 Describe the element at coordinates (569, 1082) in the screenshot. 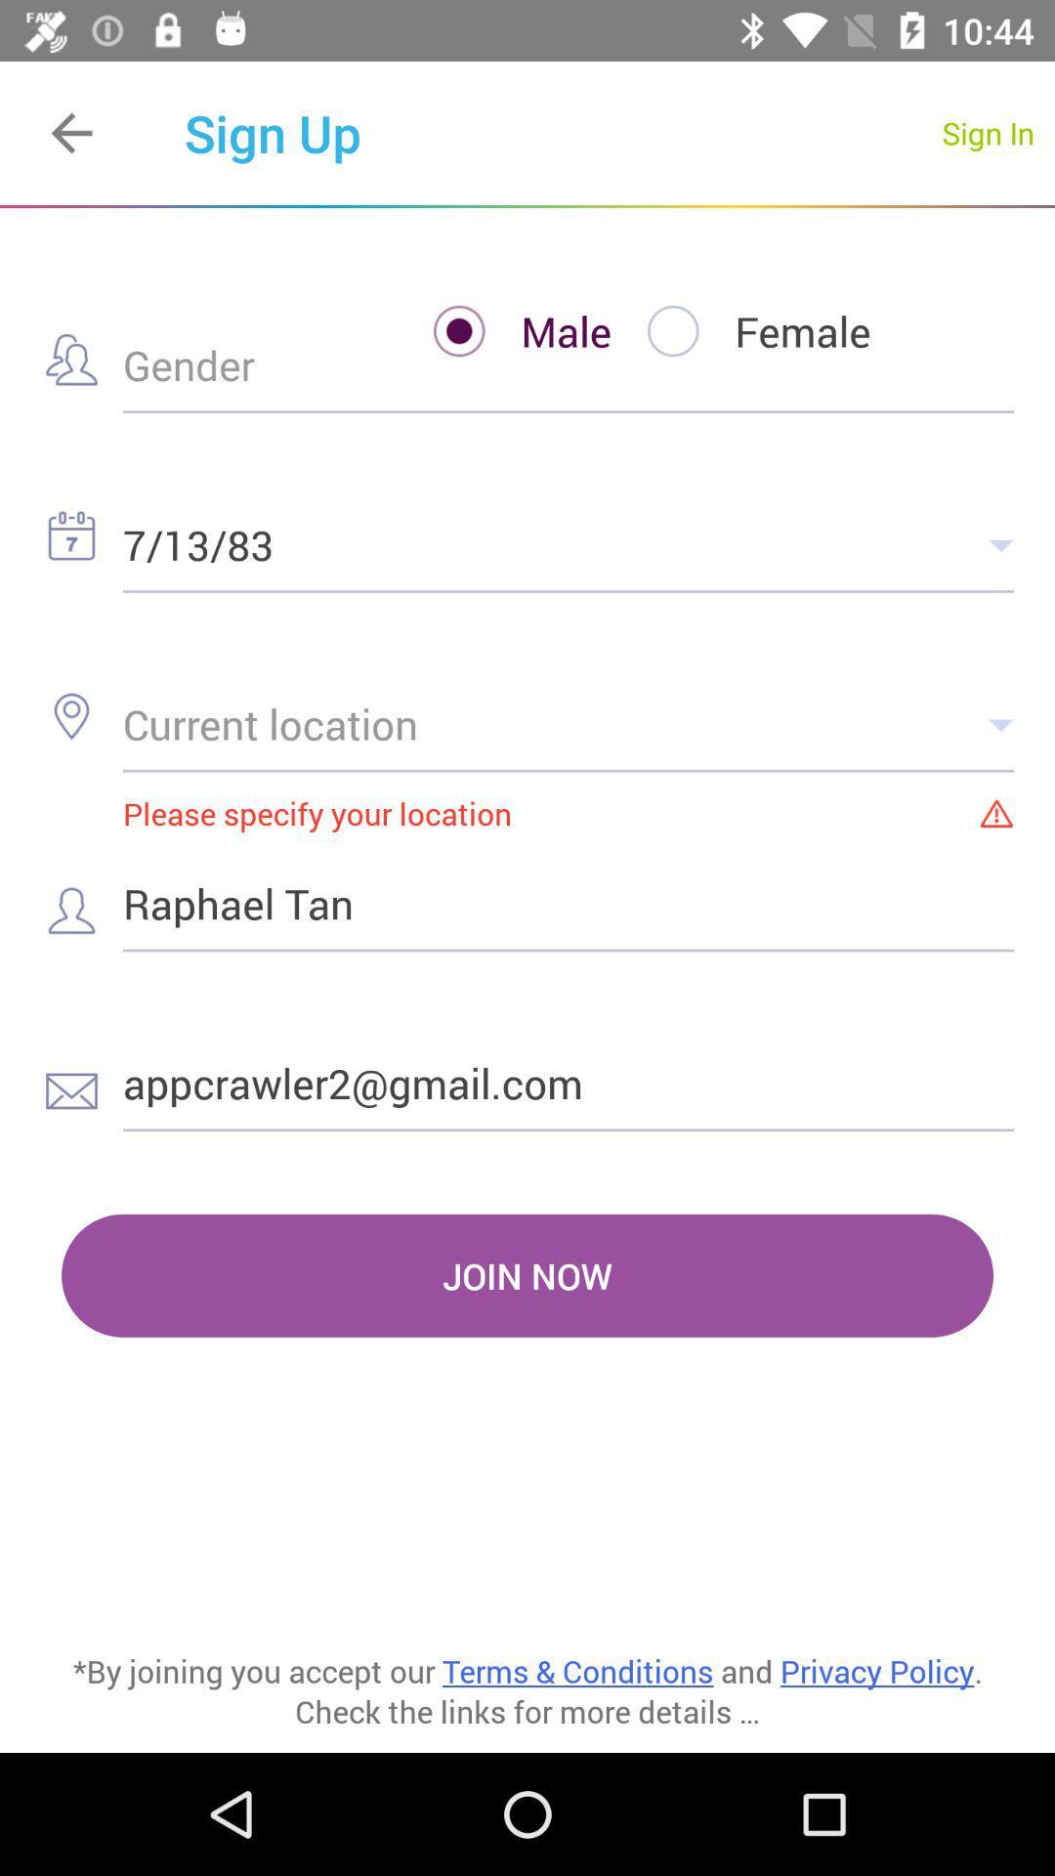

I see `the appcrawler2@gmail.com` at that location.